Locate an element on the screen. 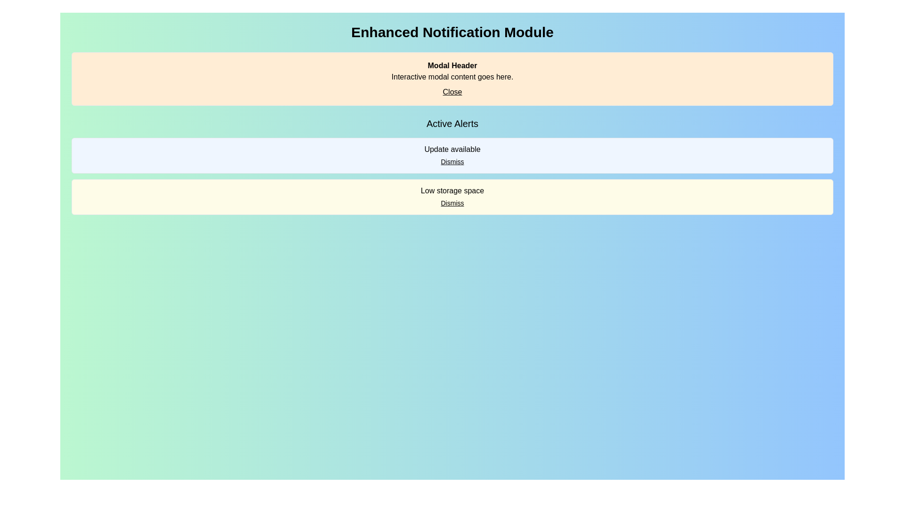  the 'Dismiss' link in the first Notification card located in the 'Active Alerts' section to acknowledge the notification is located at coordinates (452, 155).